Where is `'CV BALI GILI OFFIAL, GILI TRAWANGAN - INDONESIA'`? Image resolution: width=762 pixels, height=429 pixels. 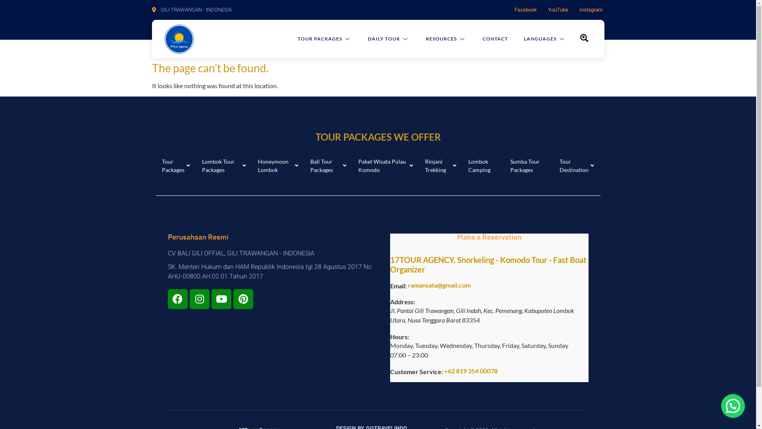
'CV BALI GILI OFFIAL, GILI TRAWANGAN - INDONESIA' is located at coordinates (272, 253).